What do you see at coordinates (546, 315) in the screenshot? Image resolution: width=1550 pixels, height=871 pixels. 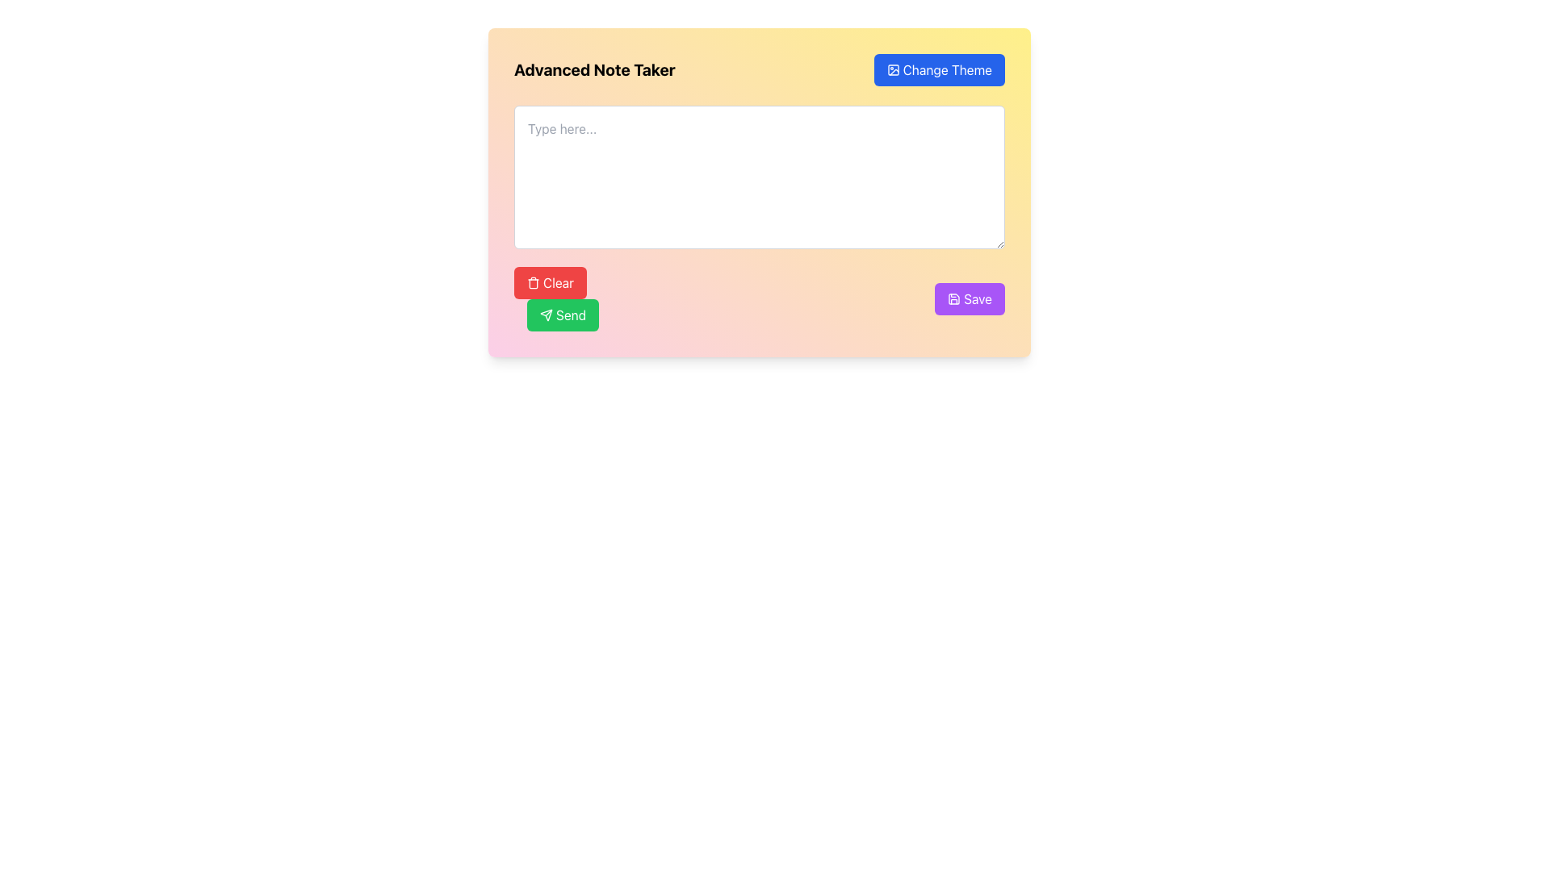 I see `the miniature paper plane icon with a green outline, which is embedded in the green 'Send' button located at the bottom-center of the panel` at bounding box center [546, 315].